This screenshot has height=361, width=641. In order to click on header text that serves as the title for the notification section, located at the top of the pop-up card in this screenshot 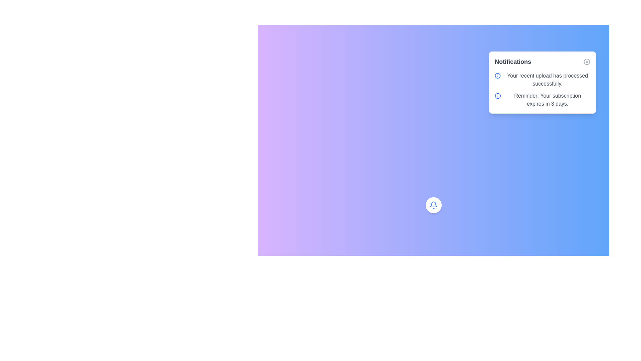, I will do `click(512, 62)`.